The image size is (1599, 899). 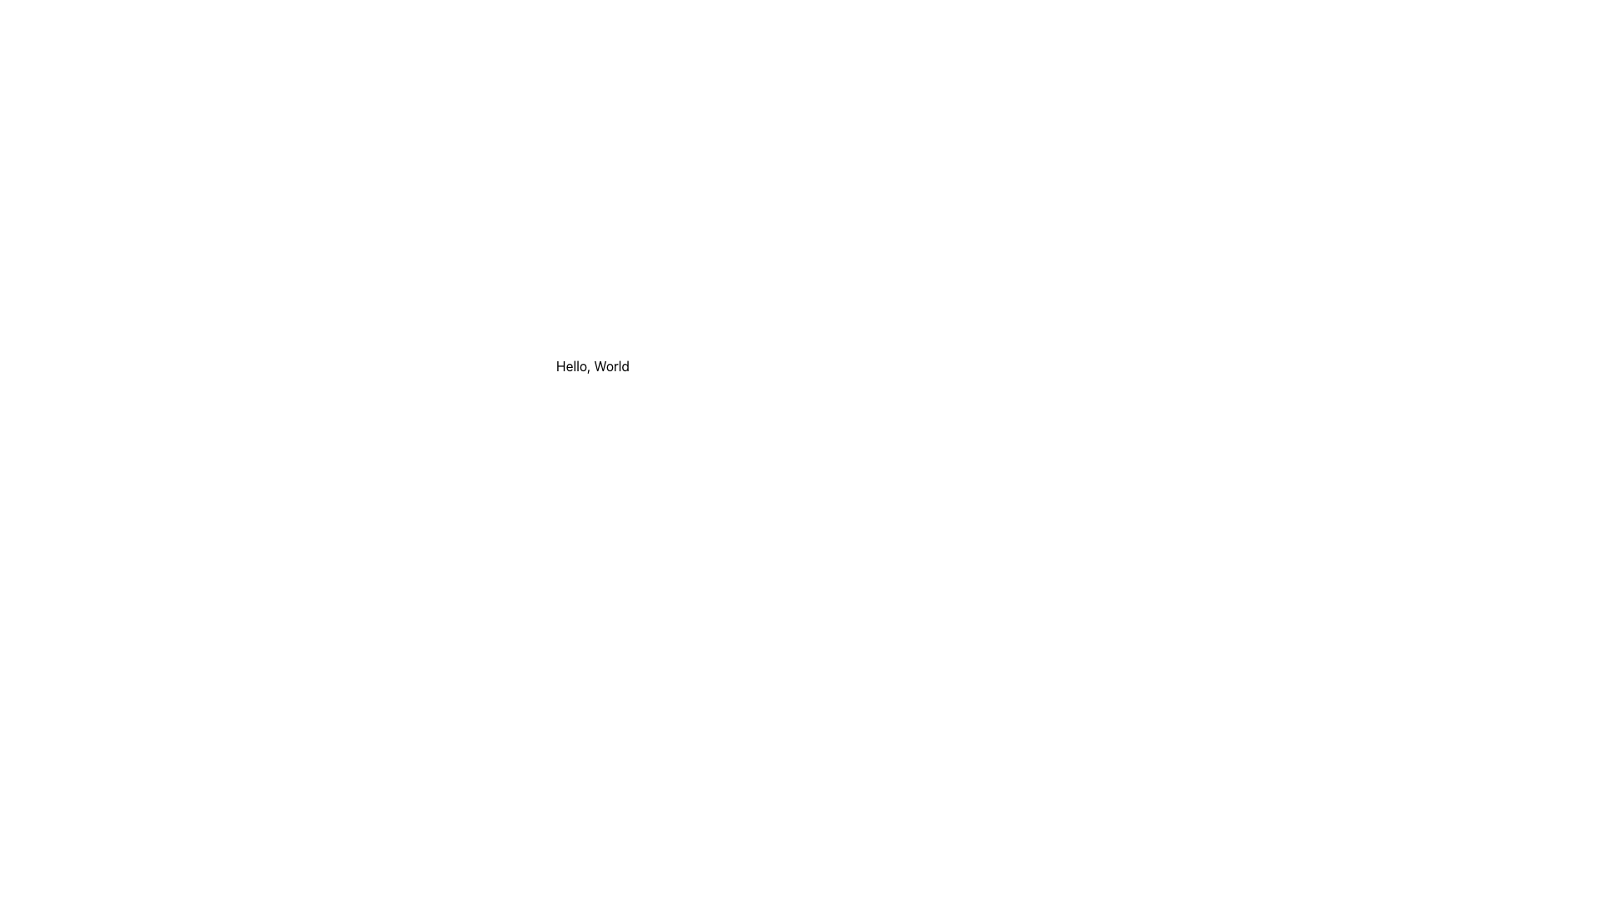 What do you see at coordinates (592, 365) in the screenshot?
I see `the text element displaying 'Hello, World', which is centrally aligned in a large rectangular block with a white background` at bounding box center [592, 365].